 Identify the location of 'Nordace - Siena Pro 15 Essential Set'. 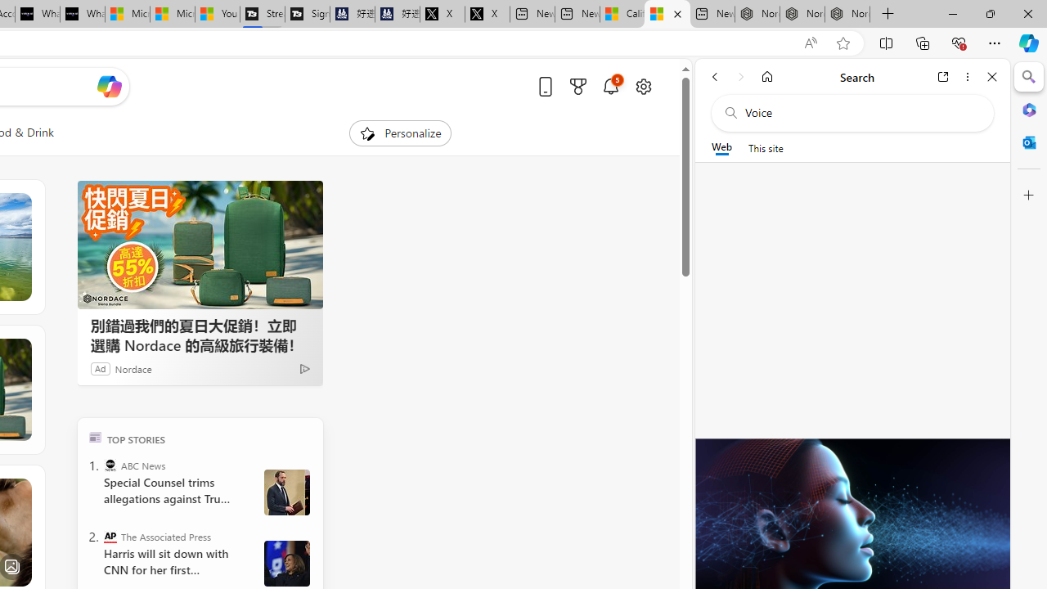
(847, 14).